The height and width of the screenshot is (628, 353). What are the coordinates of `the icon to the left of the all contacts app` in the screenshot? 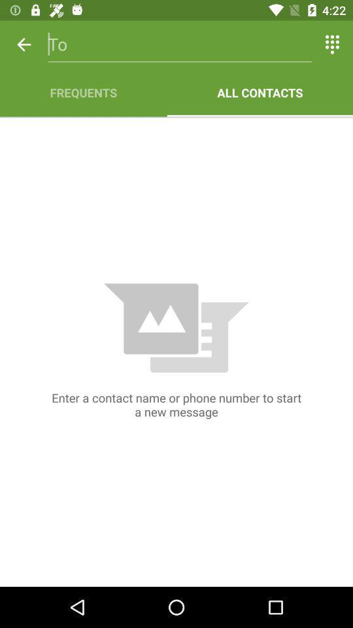 It's located at (83, 92).